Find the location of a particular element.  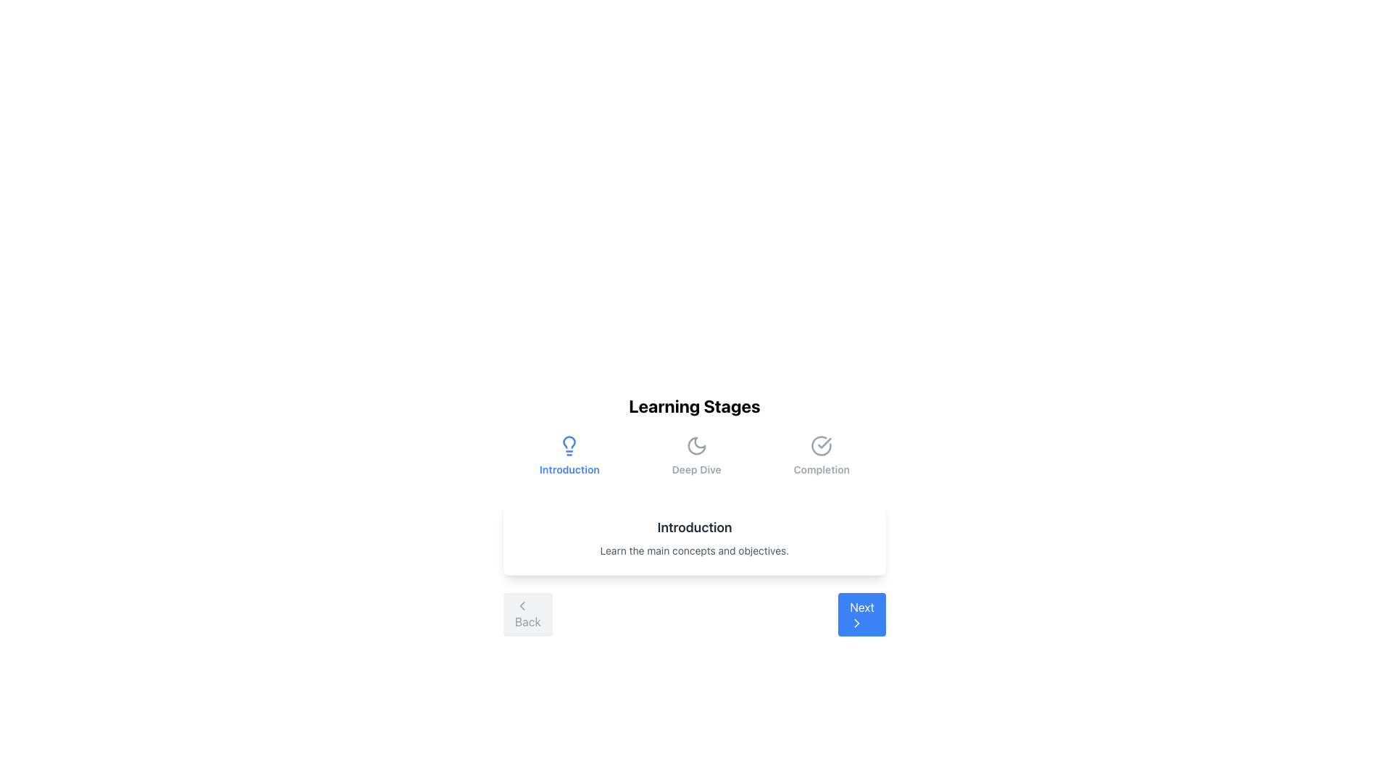

the rightward-pointing chevron icon located within the 'Next' button at the bottom right of the interface is located at coordinates (857, 622).